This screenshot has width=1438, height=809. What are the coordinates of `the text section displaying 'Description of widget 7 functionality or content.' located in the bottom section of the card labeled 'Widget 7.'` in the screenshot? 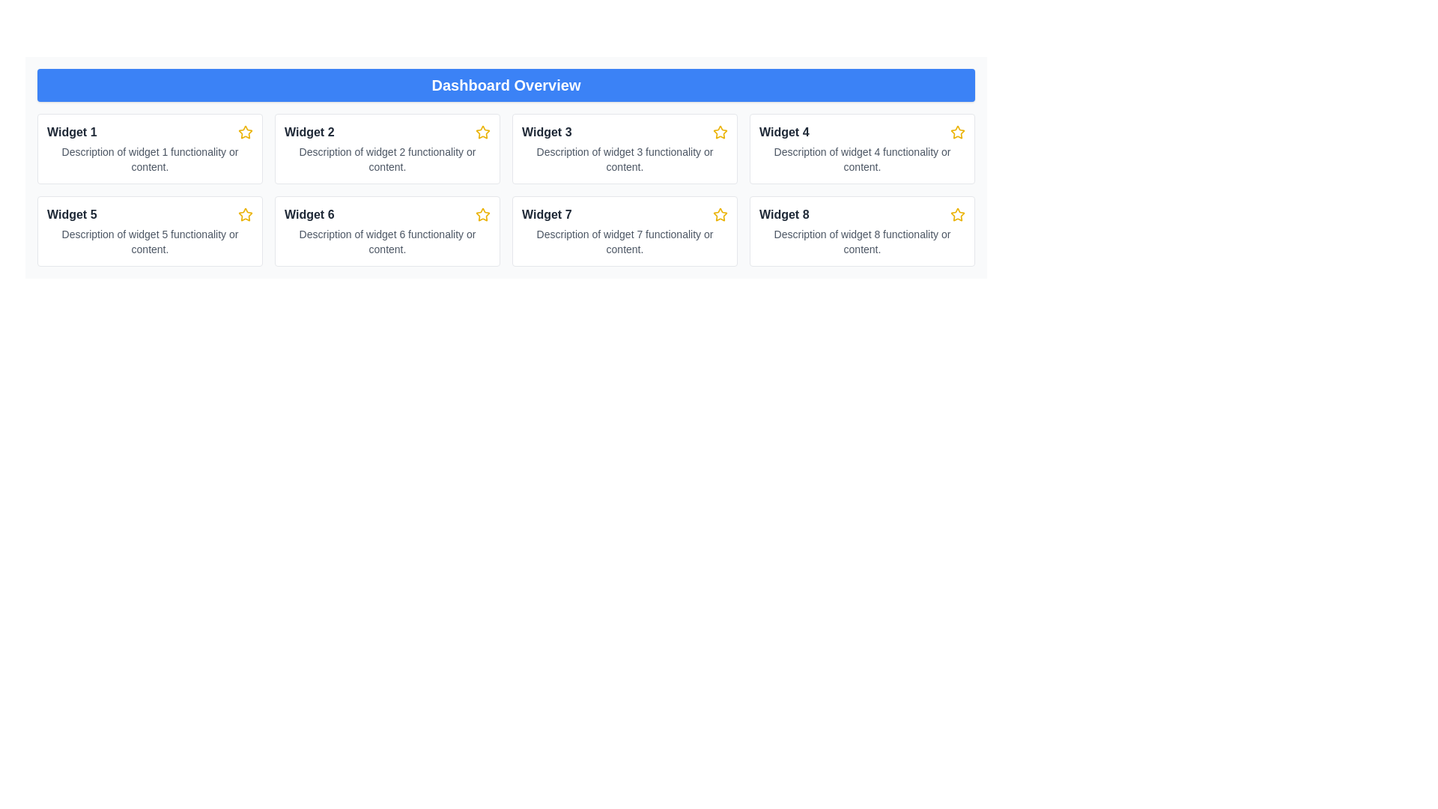 It's located at (625, 241).